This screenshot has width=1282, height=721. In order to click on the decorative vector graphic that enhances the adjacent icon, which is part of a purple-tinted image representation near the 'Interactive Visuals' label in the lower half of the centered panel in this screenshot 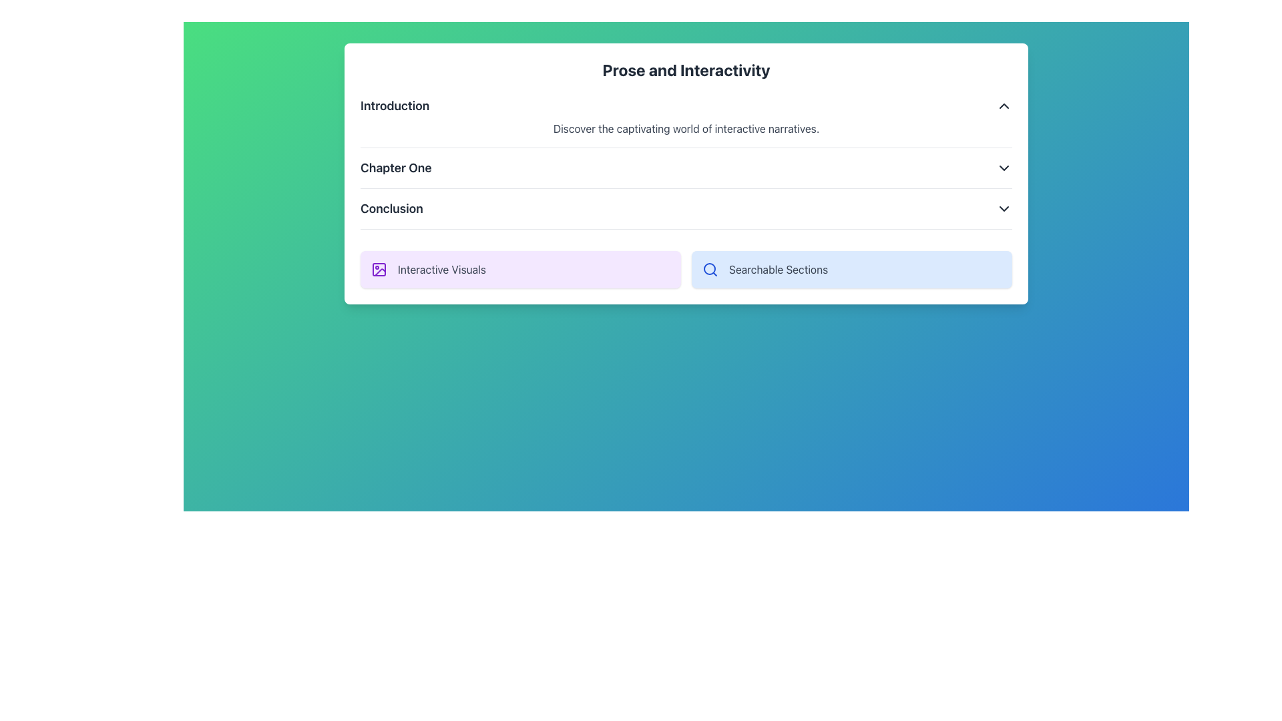, I will do `click(378, 270)`.